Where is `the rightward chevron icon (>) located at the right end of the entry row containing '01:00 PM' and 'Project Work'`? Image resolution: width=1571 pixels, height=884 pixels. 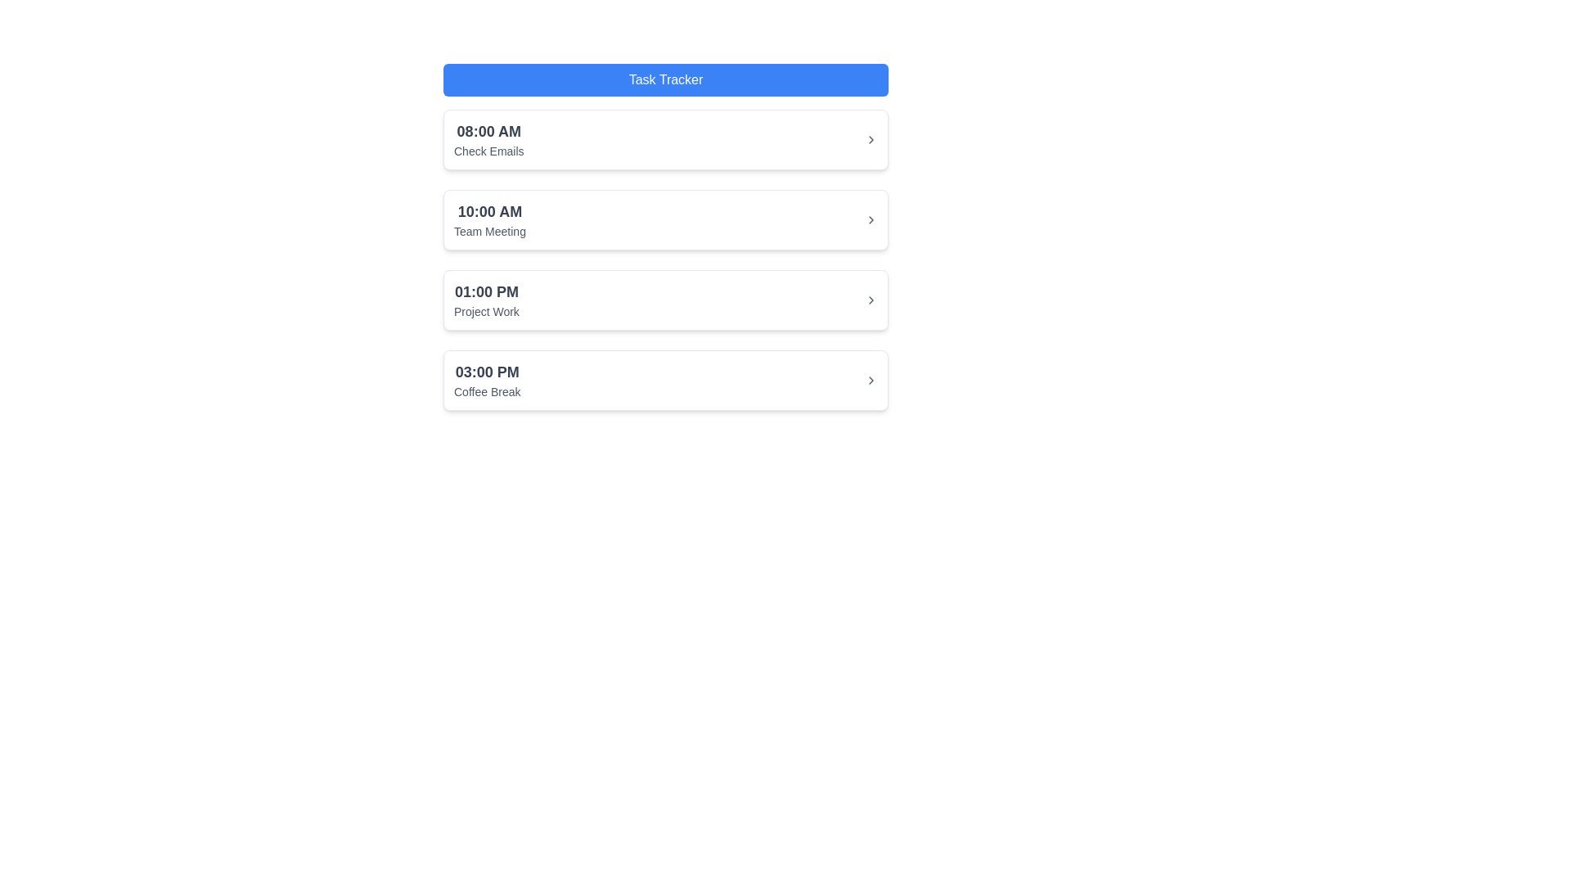
the rightward chevron icon (>) located at the right end of the entry row containing '01:00 PM' and 'Project Work' is located at coordinates (871, 300).